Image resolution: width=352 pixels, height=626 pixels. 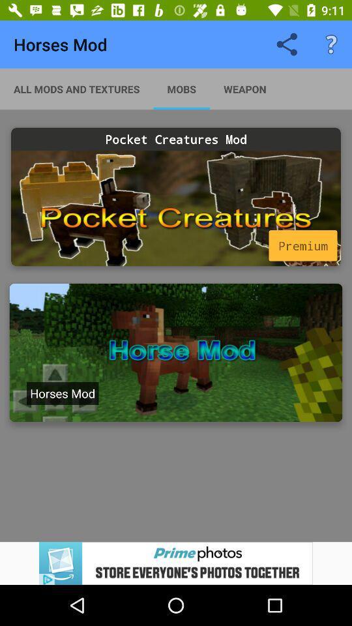 I want to click on picture option, so click(x=176, y=353).